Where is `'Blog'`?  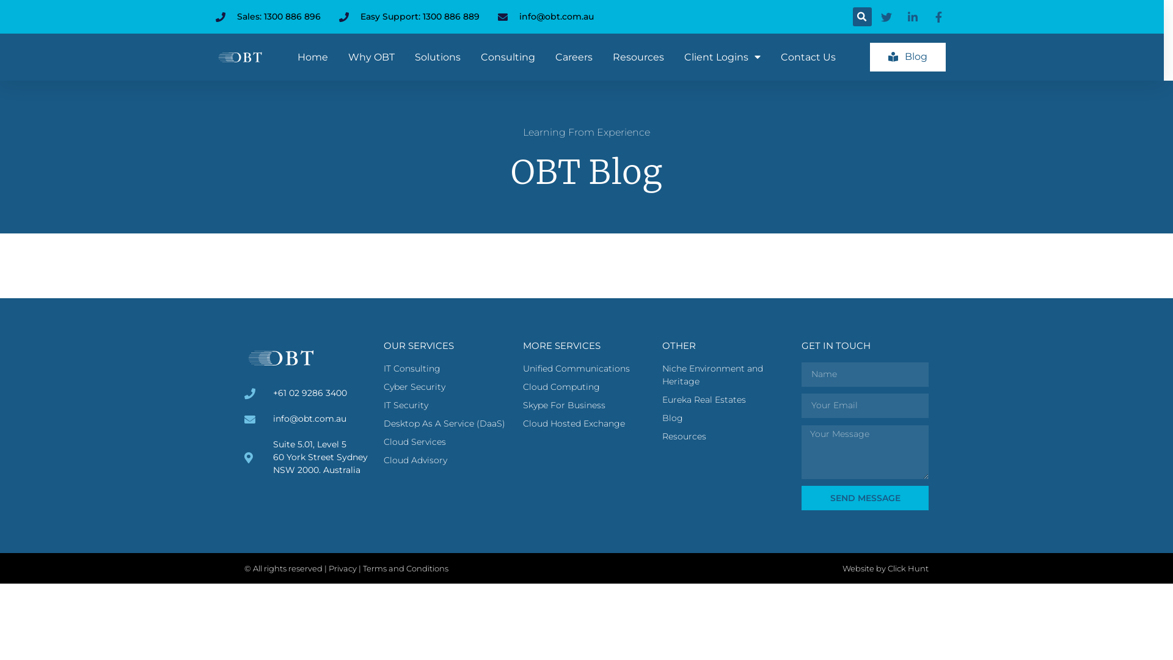 'Blog' is located at coordinates (726, 417).